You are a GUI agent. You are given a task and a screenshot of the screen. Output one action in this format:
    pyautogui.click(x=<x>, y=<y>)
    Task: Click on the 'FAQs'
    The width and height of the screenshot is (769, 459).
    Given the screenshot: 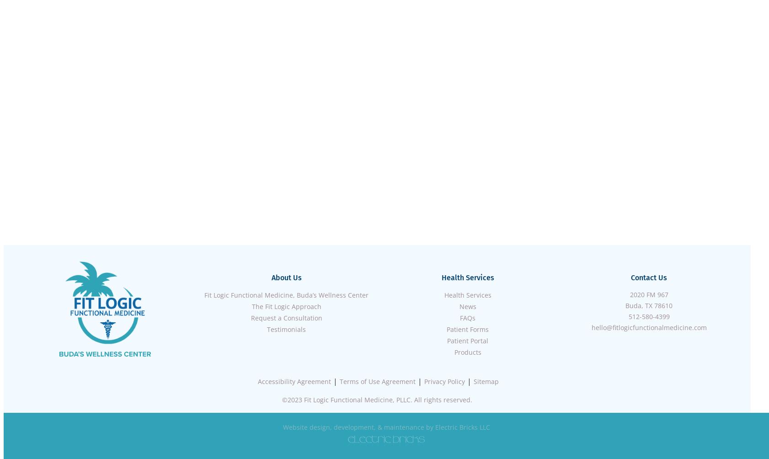 What is the action you would take?
    pyautogui.click(x=467, y=317)
    